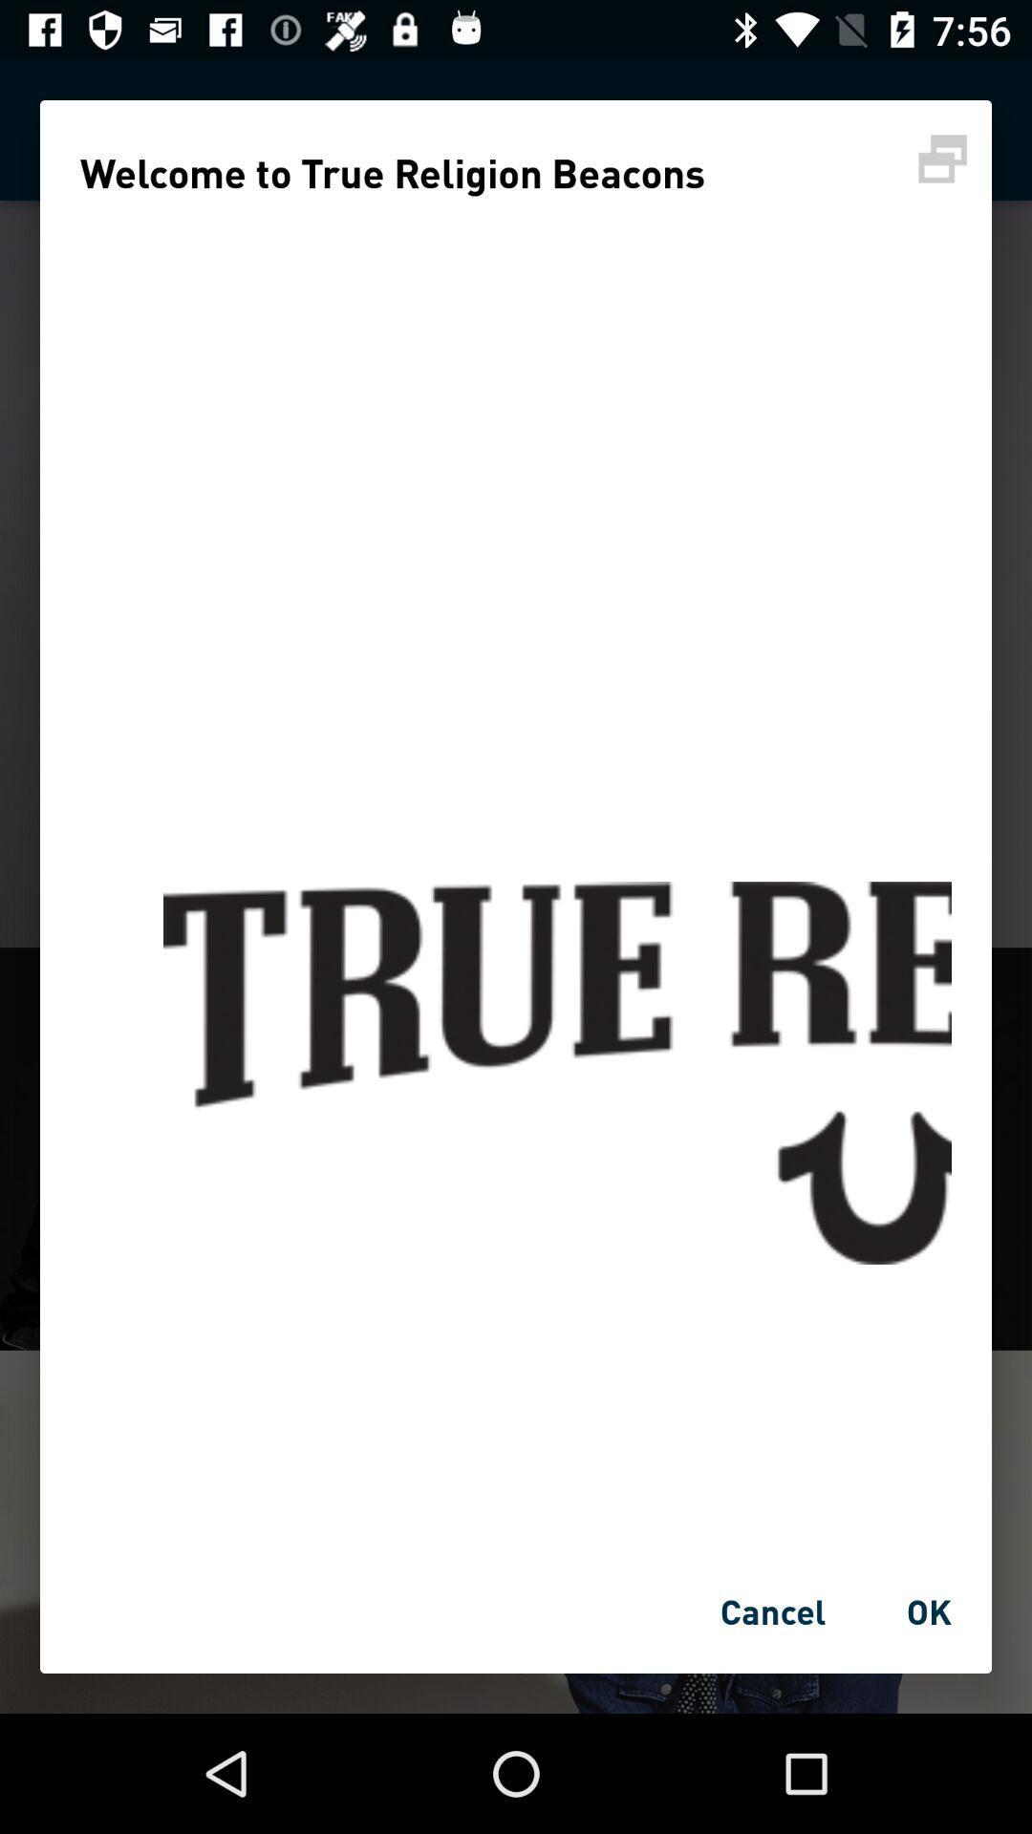 Image resolution: width=1032 pixels, height=1834 pixels. I want to click on printer, so click(941, 159).